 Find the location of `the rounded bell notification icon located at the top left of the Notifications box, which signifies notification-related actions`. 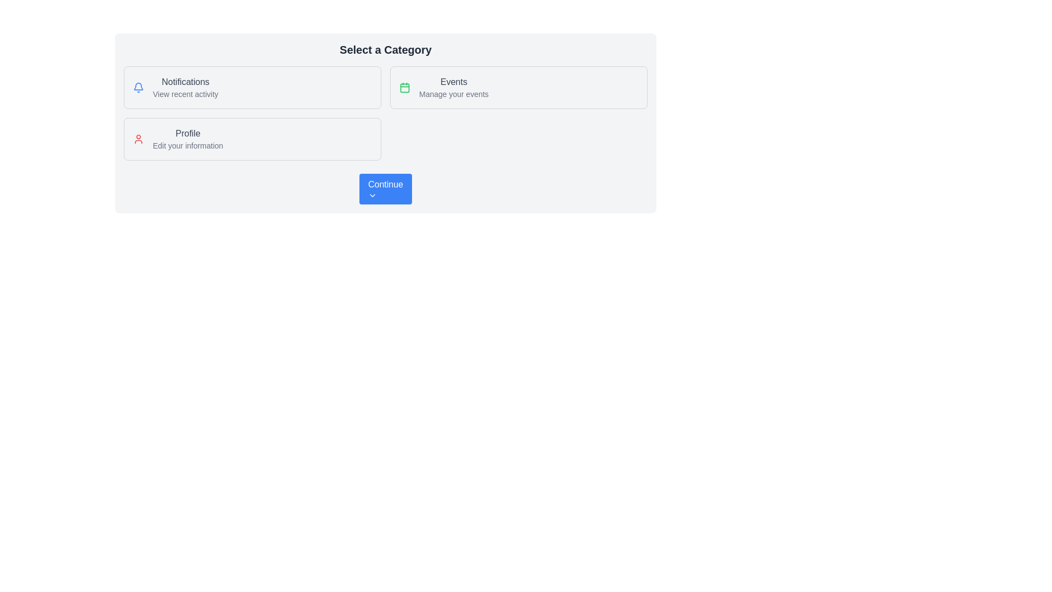

the rounded bell notification icon located at the top left of the Notifications box, which signifies notification-related actions is located at coordinates (138, 86).